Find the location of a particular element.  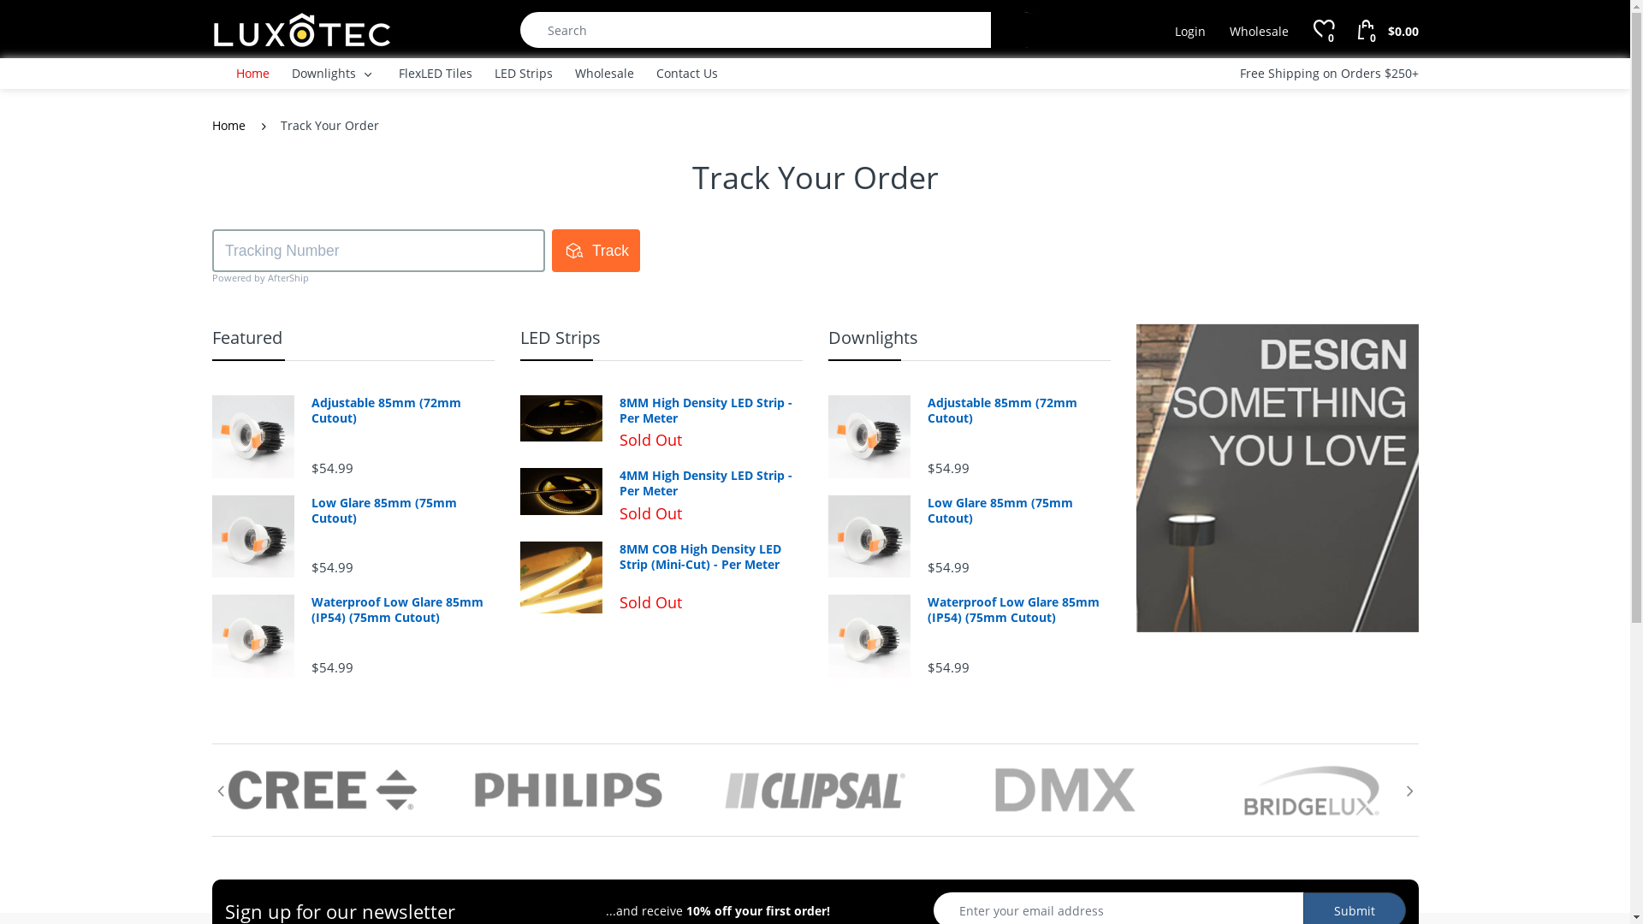

'Home' is located at coordinates (228, 124).